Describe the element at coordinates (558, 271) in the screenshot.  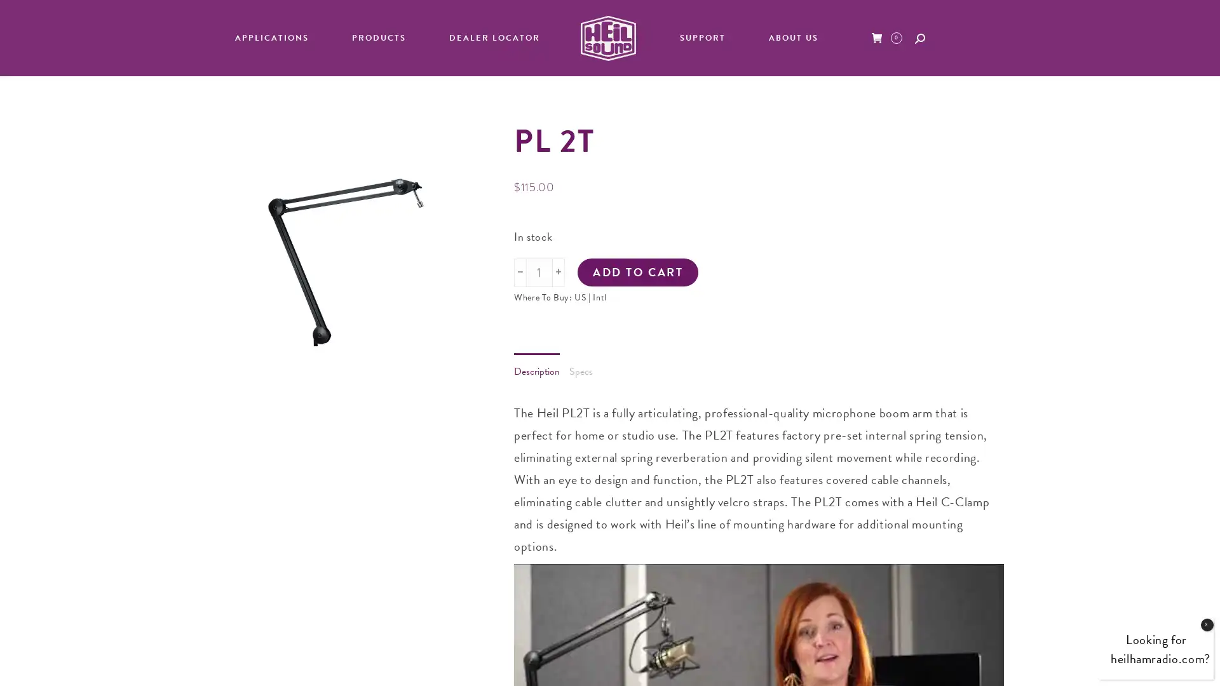
I see `+` at that location.